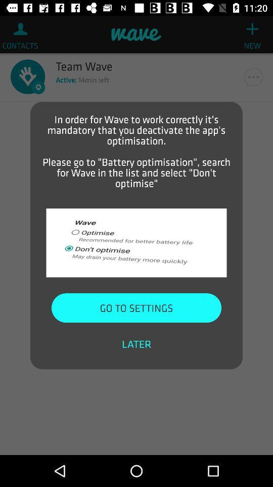 The image size is (273, 487). What do you see at coordinates (136, 344) in the screenshot?
I see `item below the go to settings icon` at bounding box center [136, 344].